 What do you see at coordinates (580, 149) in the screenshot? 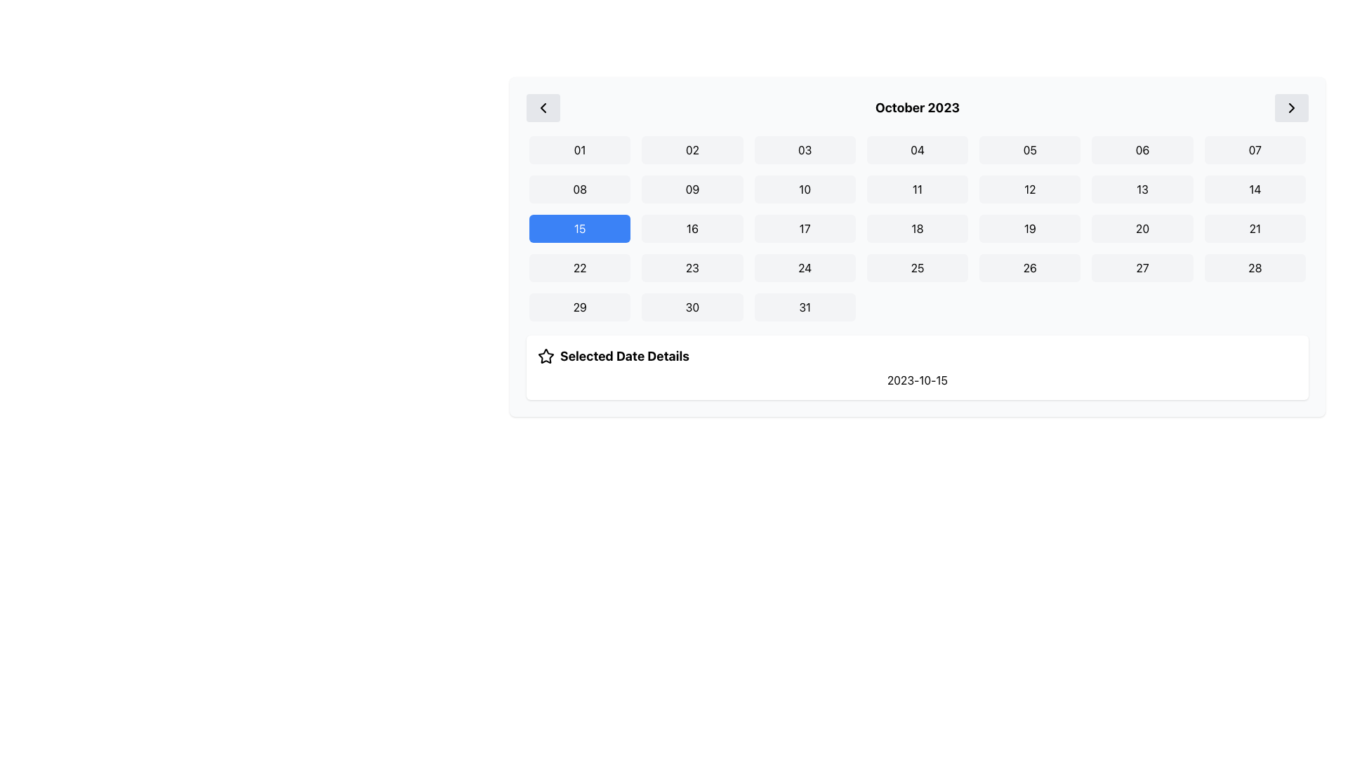
I see `the selectable date button representing the '1st' of the month in the calendar interface` at bounding box center [580, 149].